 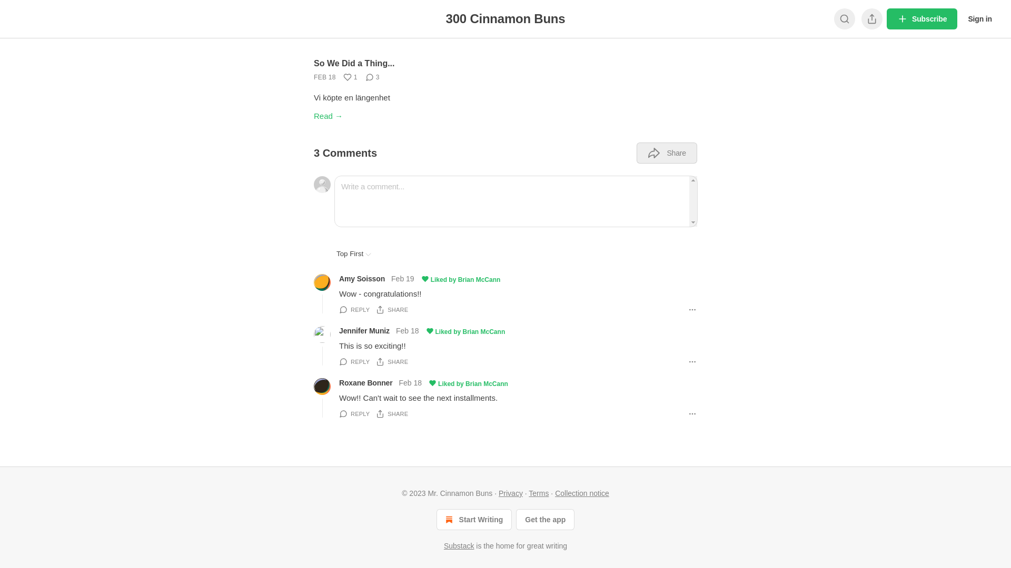 What do you see at coordinates (391, 413) in the screenshot?
I see `'SHARE'` at bounding box center [391, 413].